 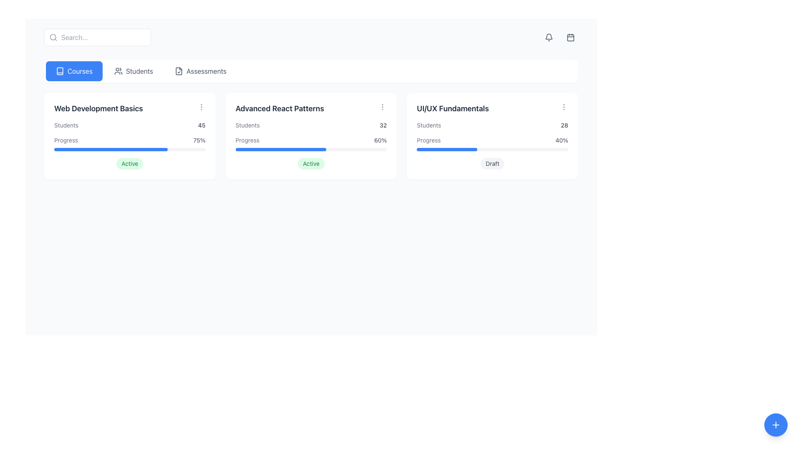 What do you see at coordinates (74, 70) in the screenshot?
I see `the blue rectangular button labeled 'Courses' located at the top-left of the toolbar` at bounding box center [74, 70].